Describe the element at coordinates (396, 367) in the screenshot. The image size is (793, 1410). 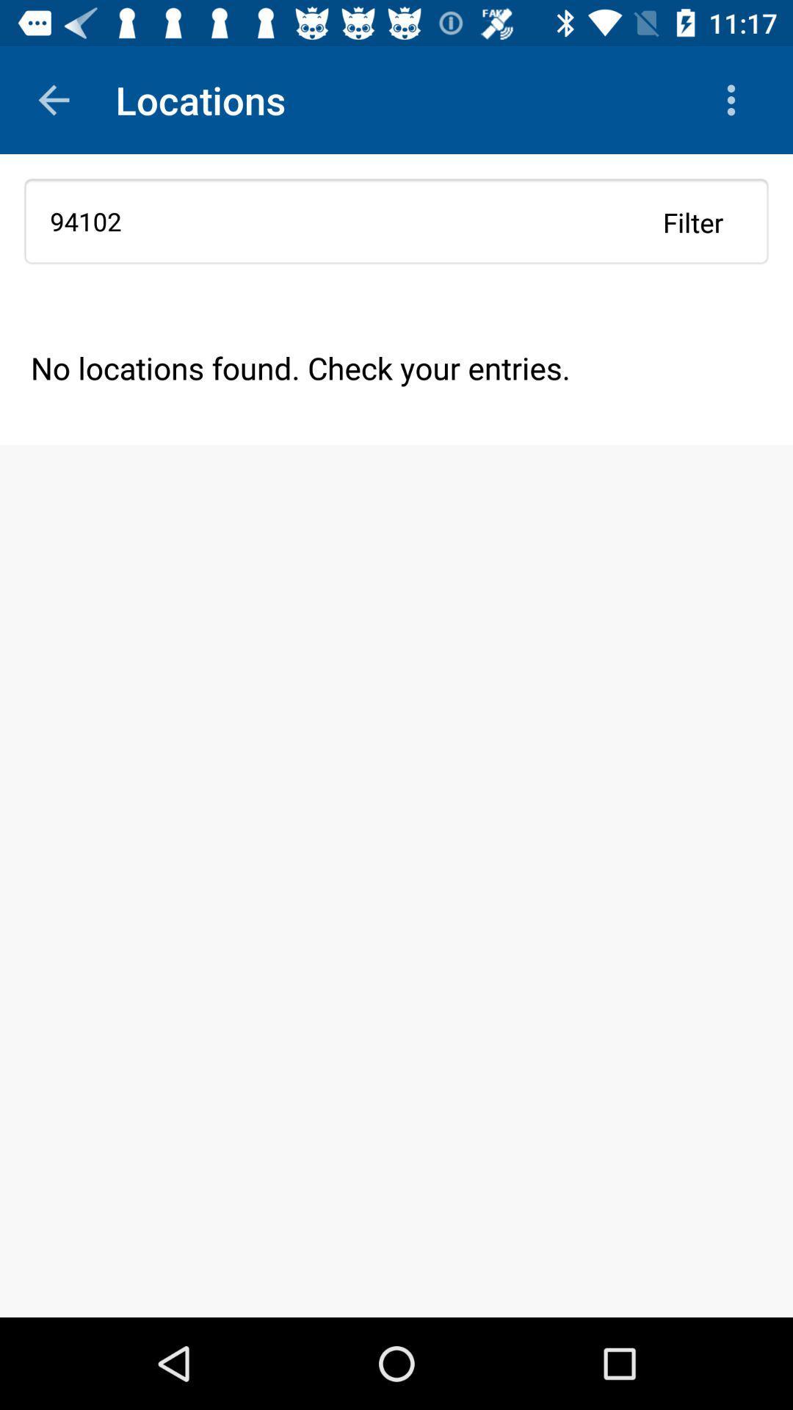
I see `icon below filter item` at that location.